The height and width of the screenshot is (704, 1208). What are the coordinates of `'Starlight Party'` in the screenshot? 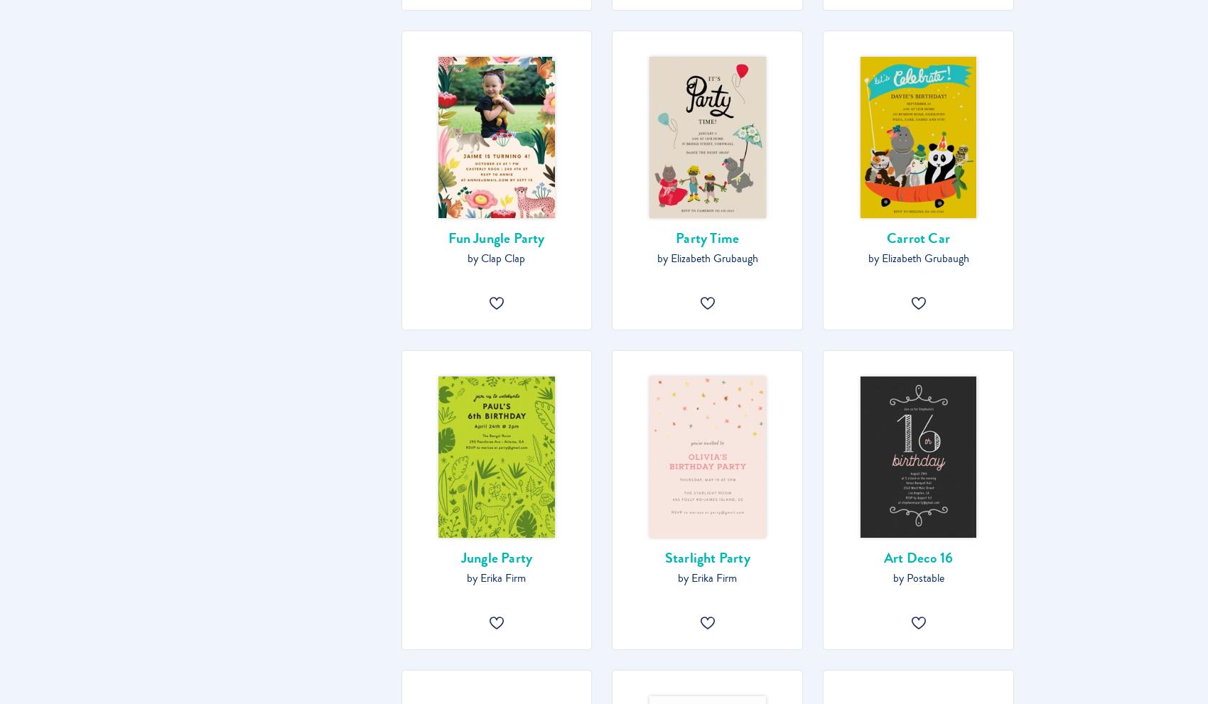 It's located at (706, 558).